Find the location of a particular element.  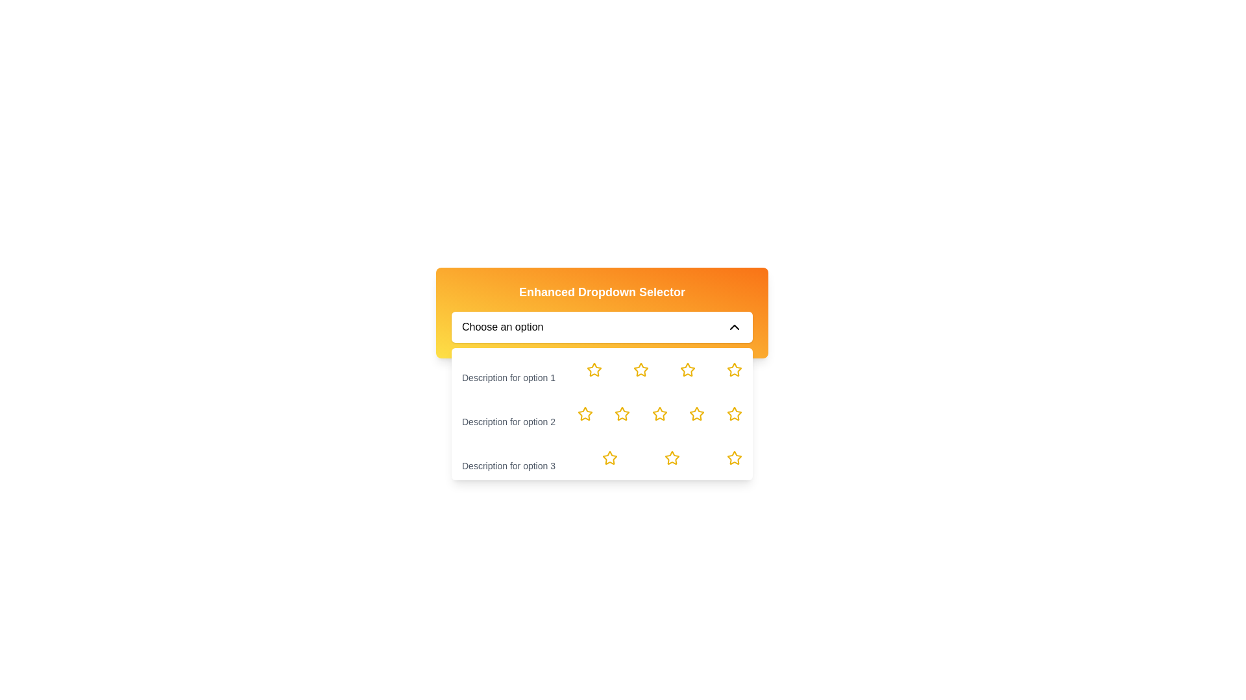

the fourth star icon in the third row of the rating component is located at coordinates (687, 369).